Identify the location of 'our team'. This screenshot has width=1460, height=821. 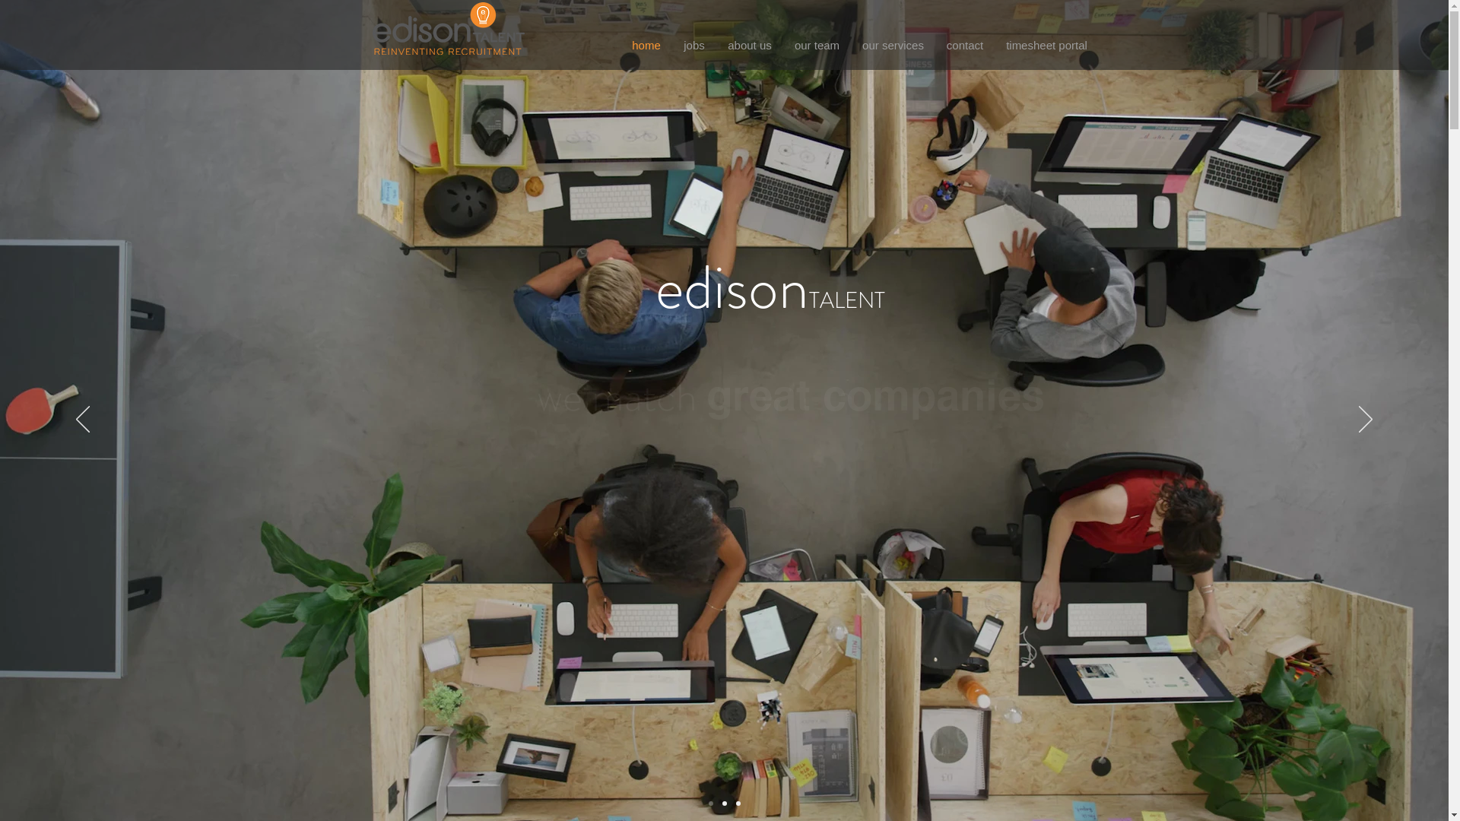
(816, 45).